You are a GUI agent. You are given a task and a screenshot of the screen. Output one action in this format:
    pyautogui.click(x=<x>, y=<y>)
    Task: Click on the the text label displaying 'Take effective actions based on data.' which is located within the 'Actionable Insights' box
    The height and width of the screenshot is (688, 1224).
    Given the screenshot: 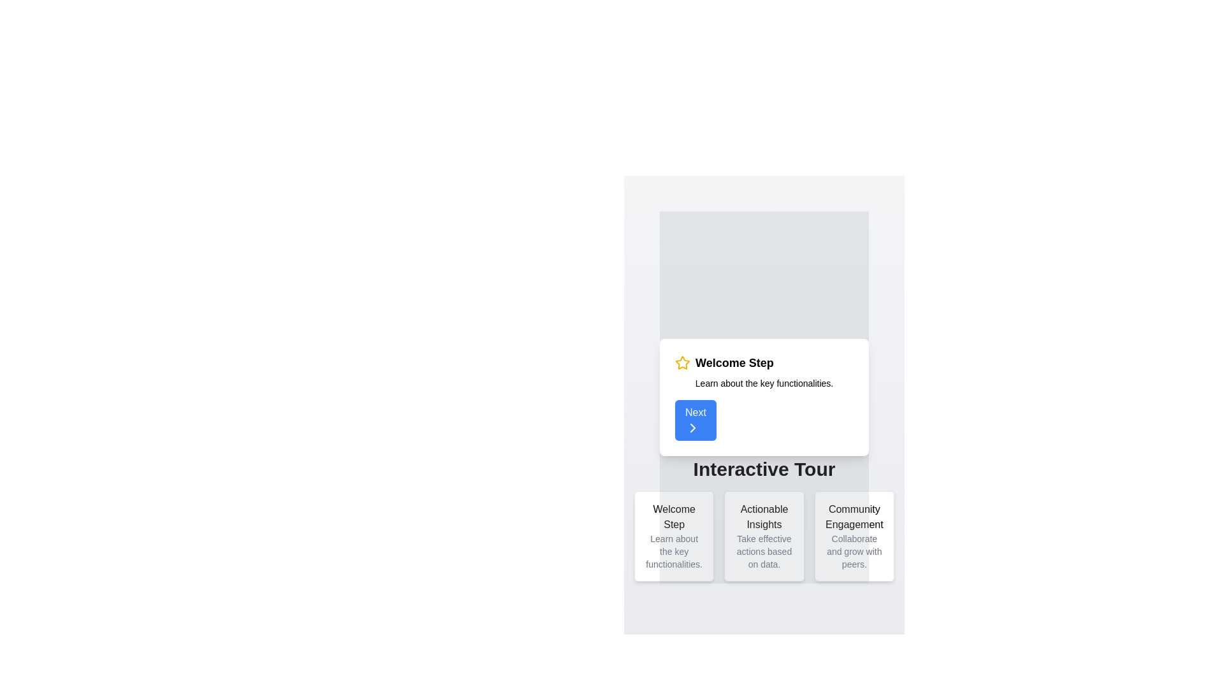 What is the action you would take?
    pyautogui.click(x=764, y=551)
    